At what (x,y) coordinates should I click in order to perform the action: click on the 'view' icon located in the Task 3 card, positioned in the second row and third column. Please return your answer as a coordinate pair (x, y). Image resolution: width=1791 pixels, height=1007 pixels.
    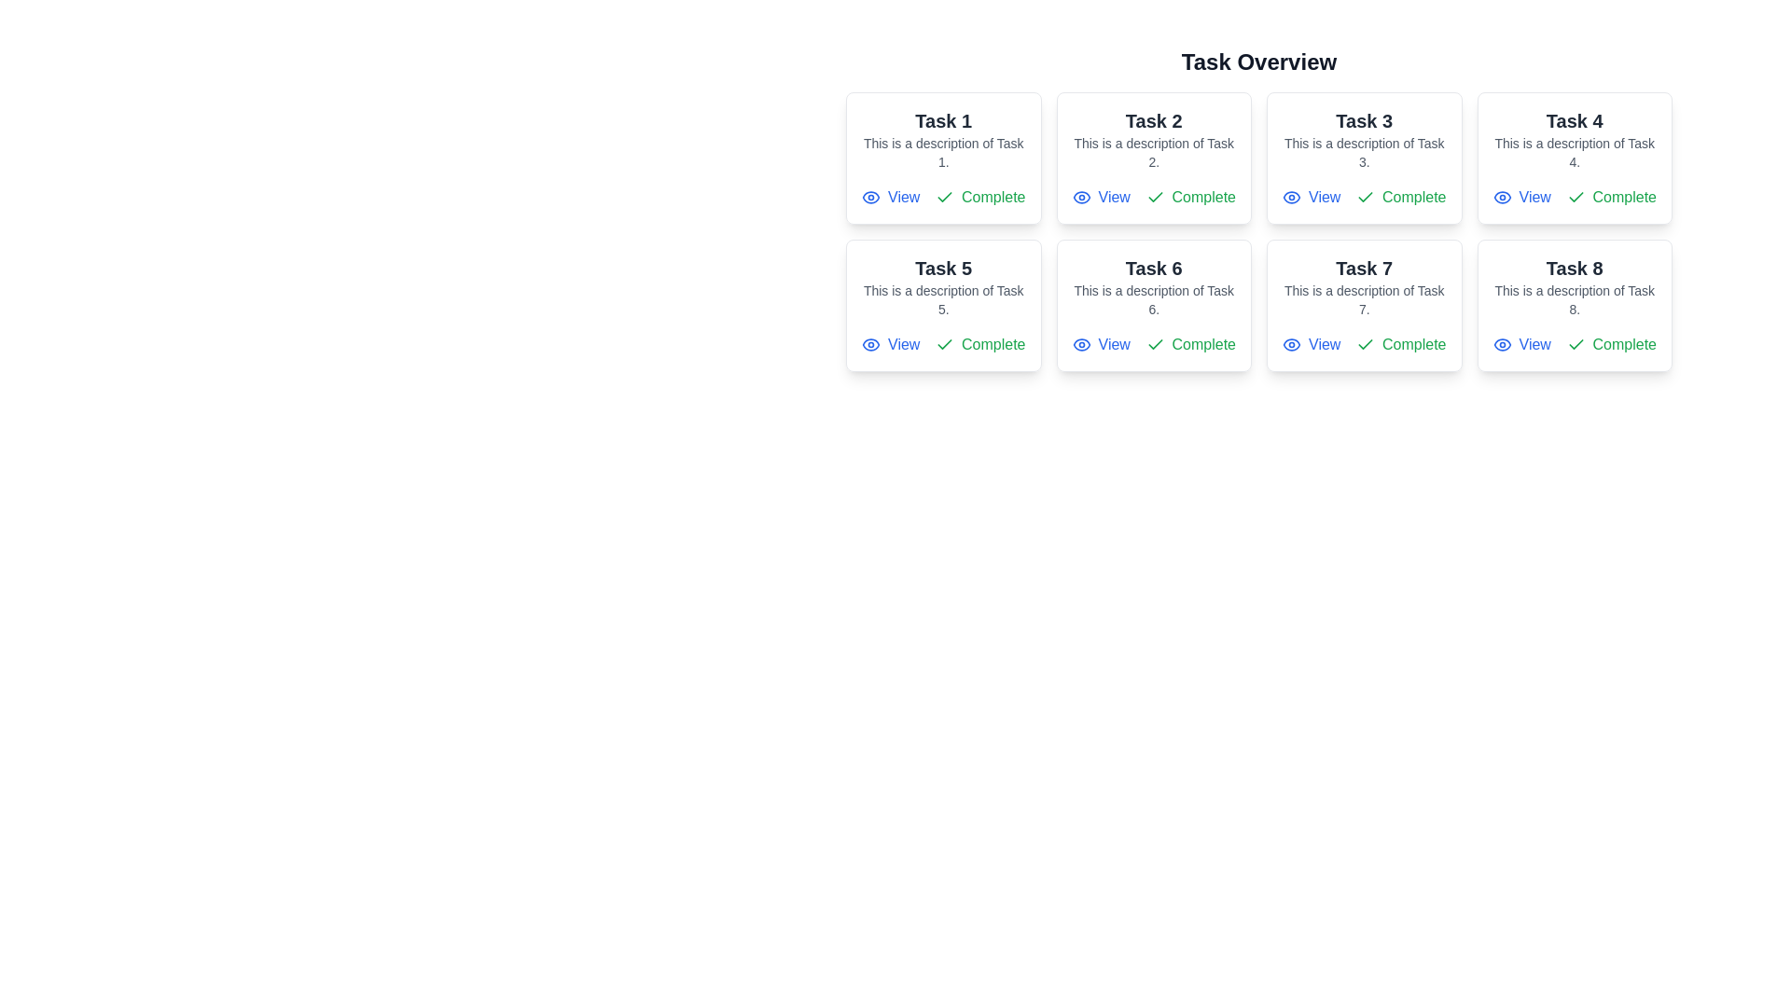
    Looking at the image, I should click on (1291, 198).